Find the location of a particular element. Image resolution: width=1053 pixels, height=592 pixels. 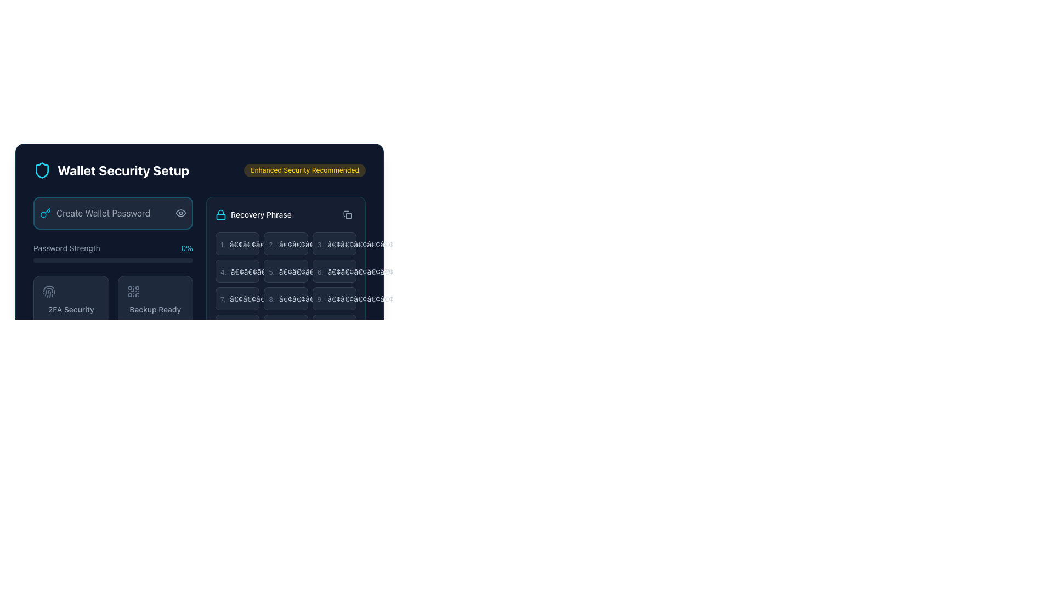

the eye icon used to toggle visibility in the 'Recovery Phrase' section to read the tooltip is located at coordinates (181, 213).